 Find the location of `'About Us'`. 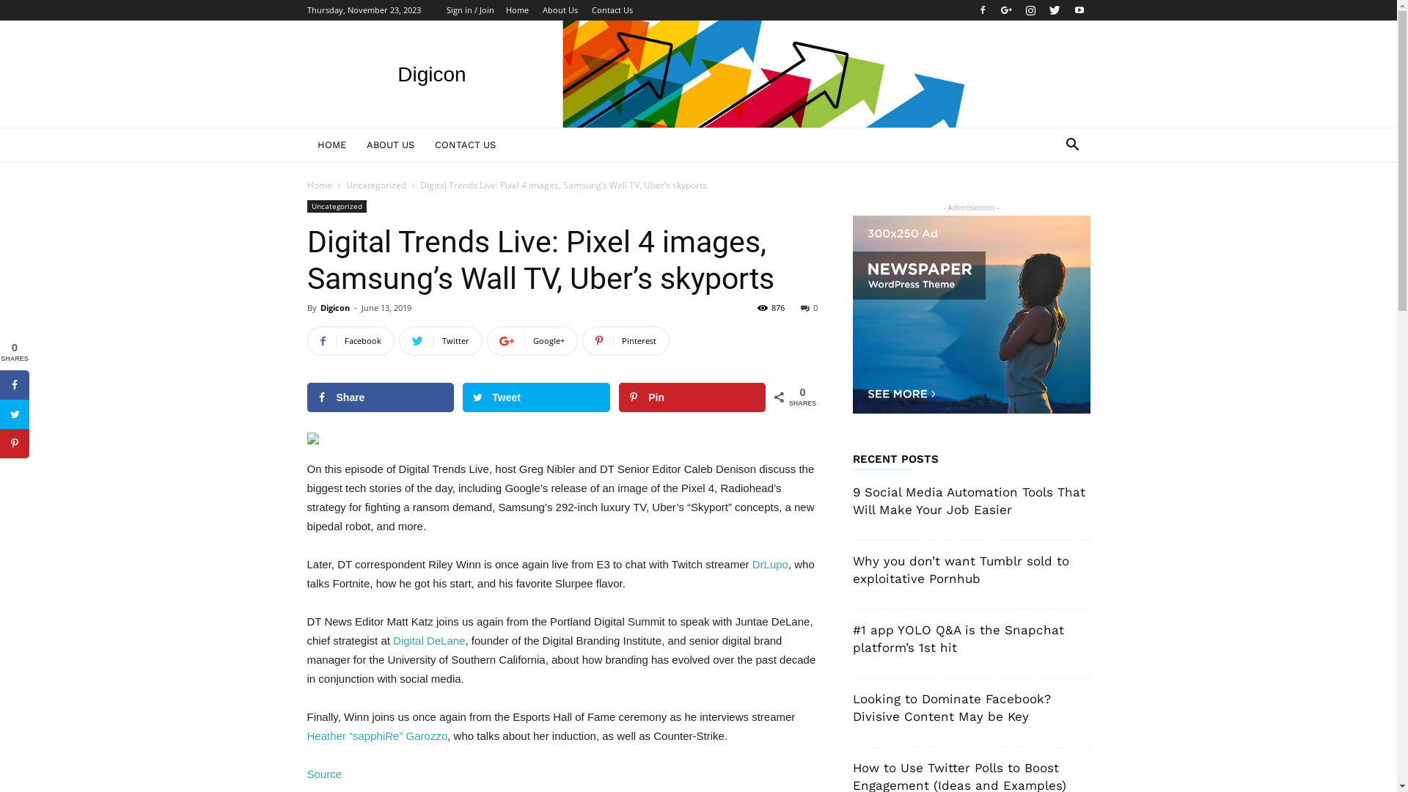

'About Us' is located at coordinates (559, 10).